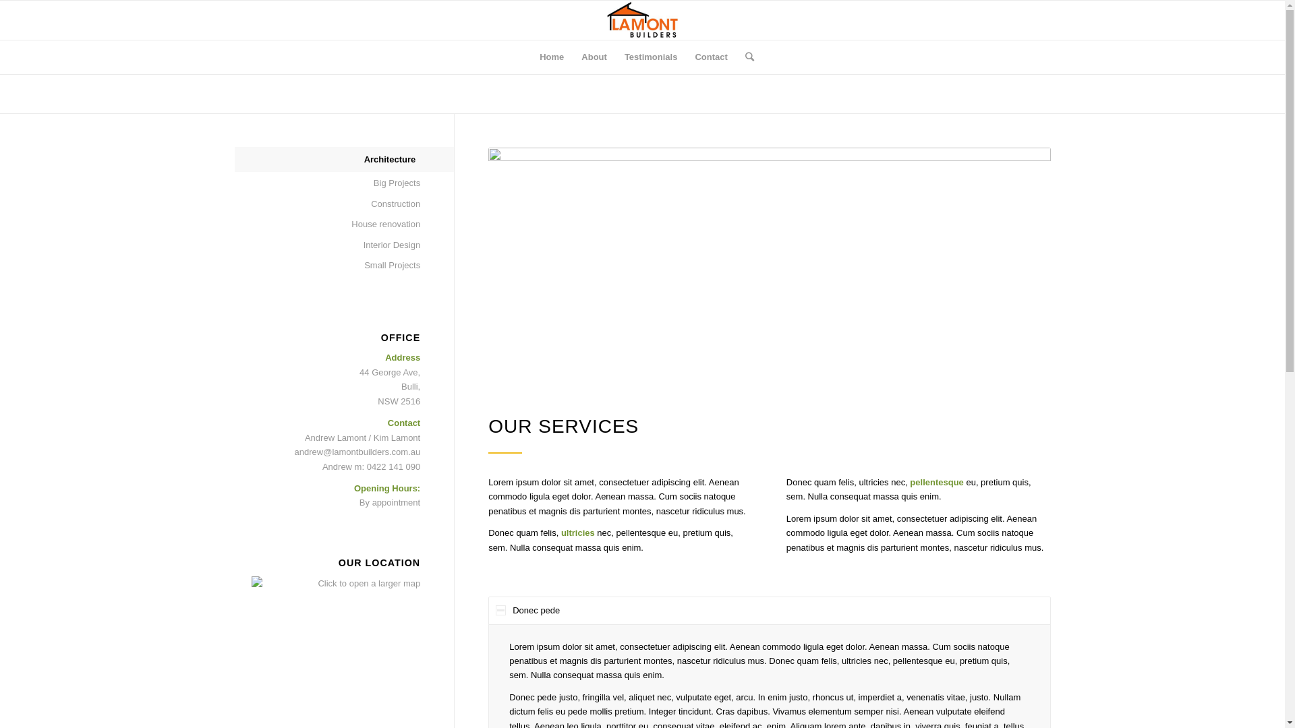 The width and height of the screenshot is (1295, 728). Describe the element at coordinates (327, 183) in the screenshot. I see `'Big Projects'` at that location.